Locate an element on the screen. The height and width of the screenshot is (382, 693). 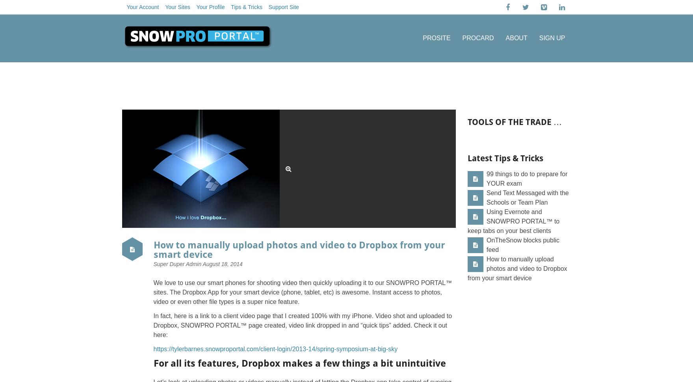
'Support Site' is located at coordinates (283, 7).